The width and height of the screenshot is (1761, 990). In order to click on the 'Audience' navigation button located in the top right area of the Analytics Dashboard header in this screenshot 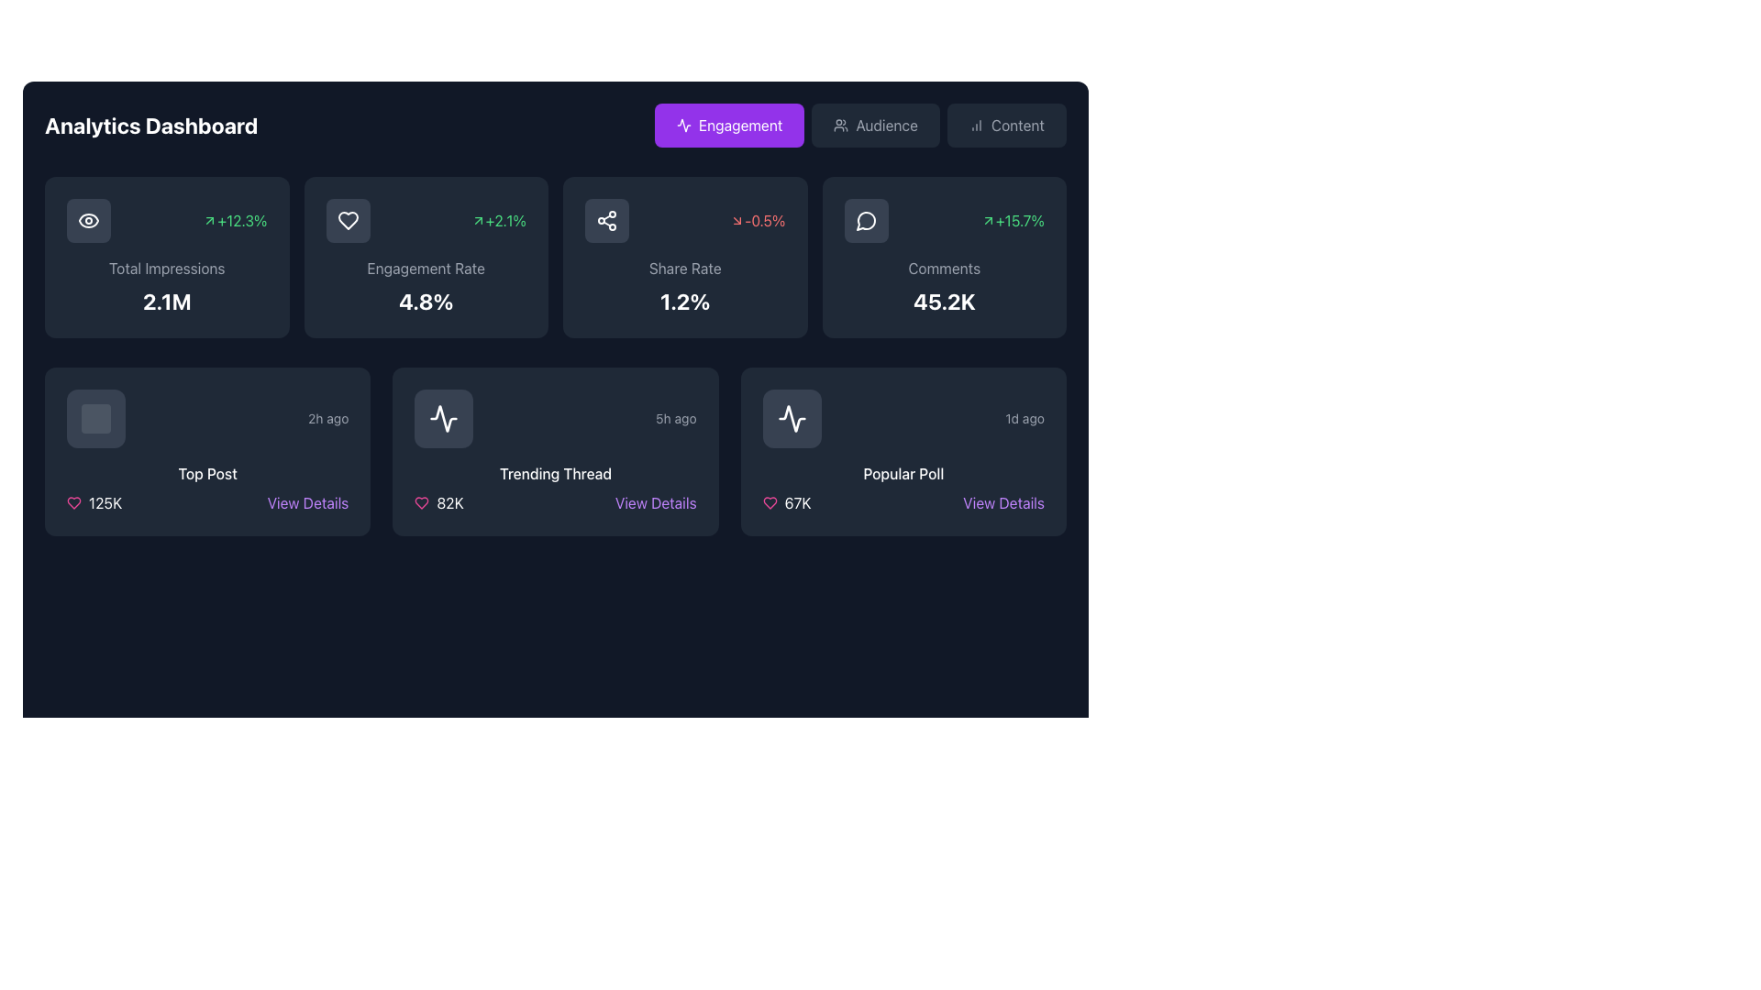, I will do `click(859, 125)`.